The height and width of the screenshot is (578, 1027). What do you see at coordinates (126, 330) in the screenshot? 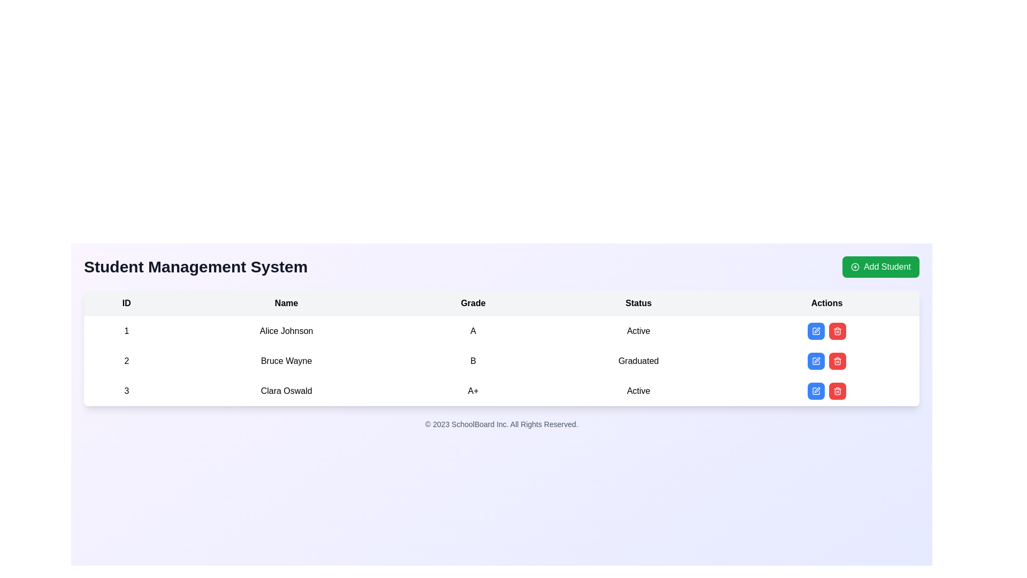
I see `the first row ID element in the student records table, which corresponds to 'Alice Johnson's ID, located in the first column of the table` at bounding box center [126, 330].